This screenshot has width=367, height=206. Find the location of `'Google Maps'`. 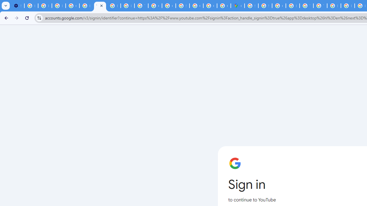

'Google Maps' is located at coordinates (237, 6).